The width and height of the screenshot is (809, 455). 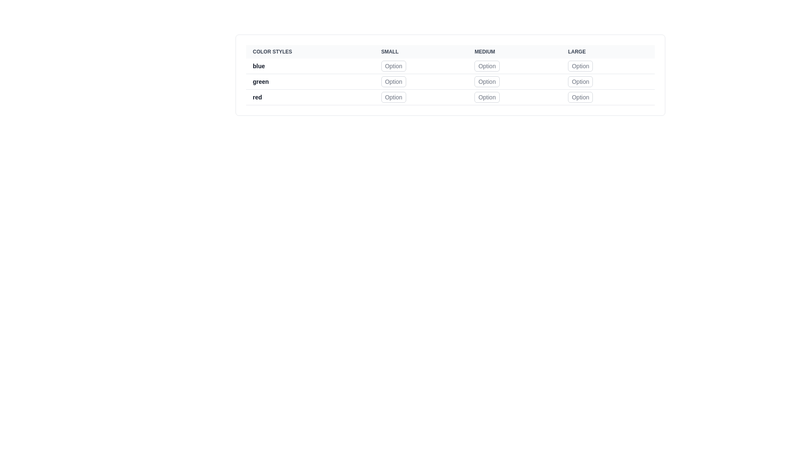 I want to click on the selection button located in the 'green' row and 'MEDIUM' column of the tabular choice panel to highlight it, so click(x=487, y=81).